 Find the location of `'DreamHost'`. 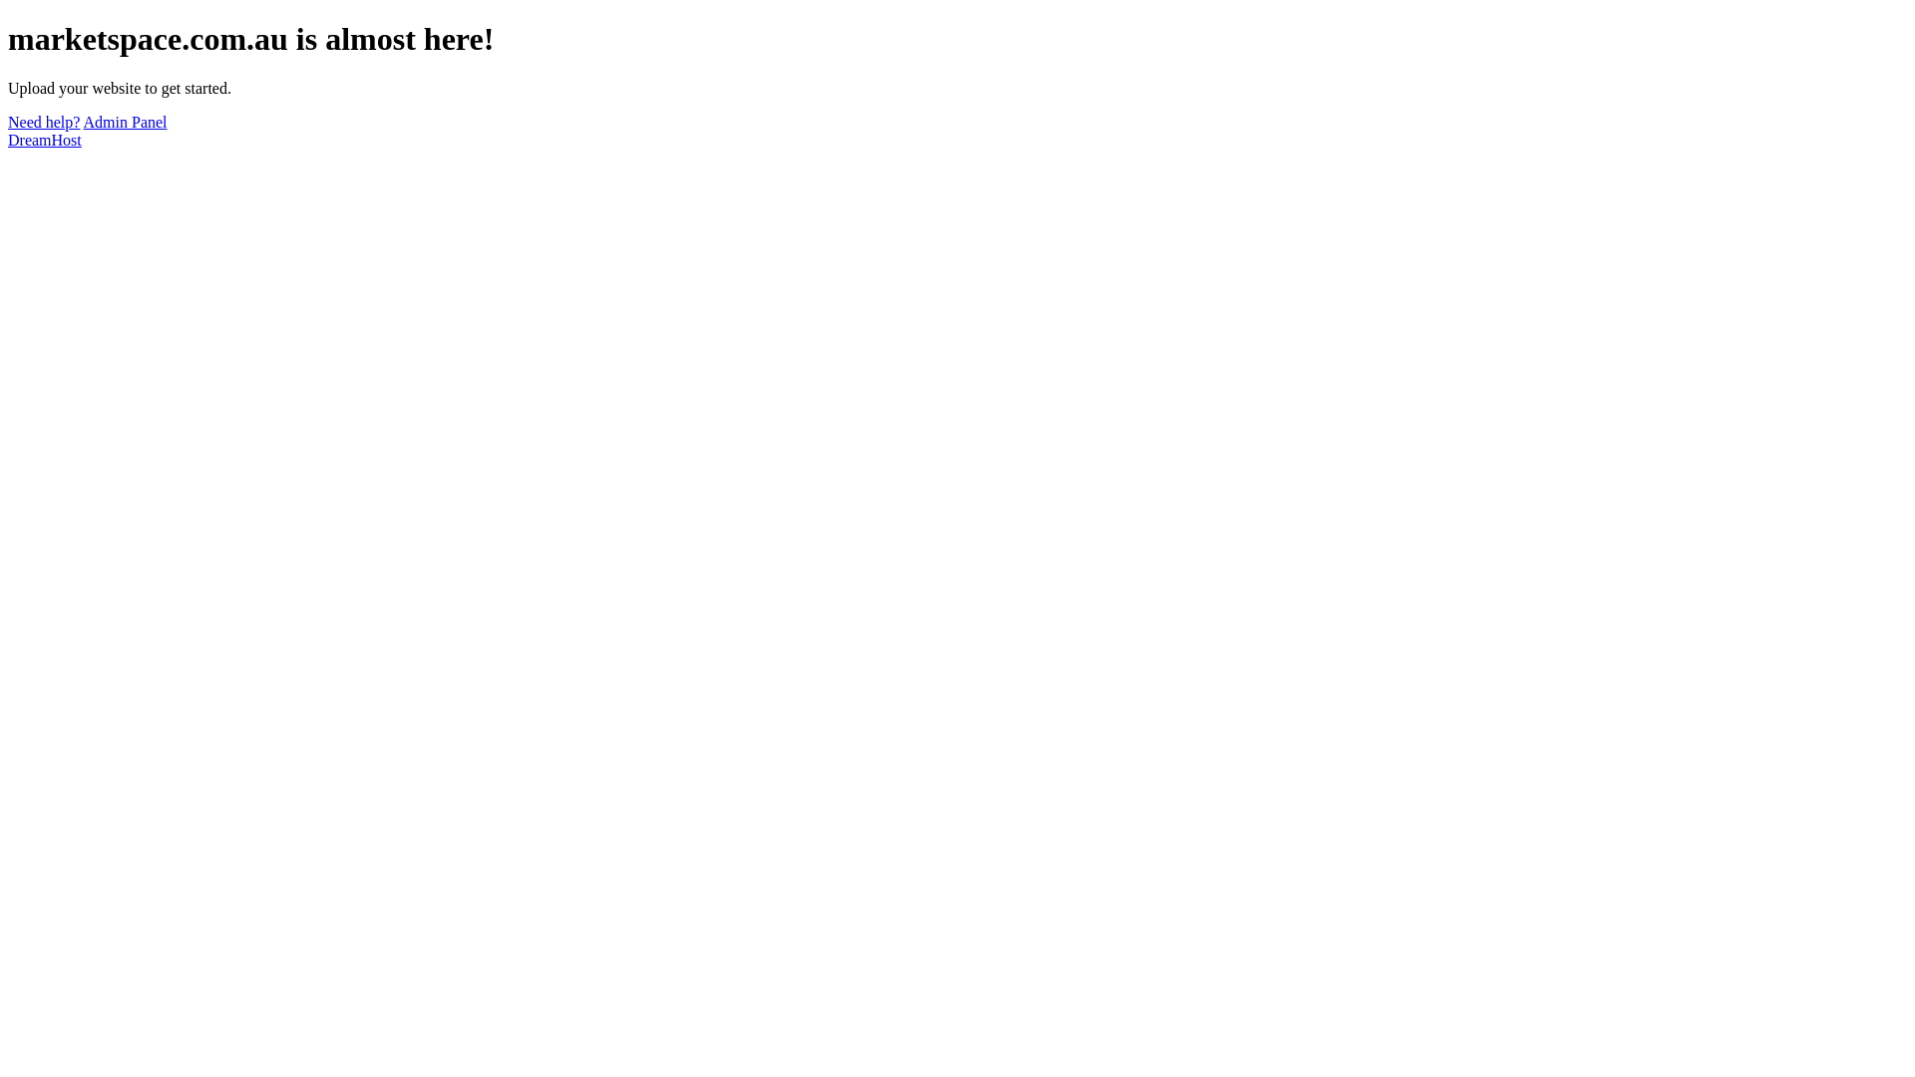

'DreamHost' is located at coordinates (44, 139).